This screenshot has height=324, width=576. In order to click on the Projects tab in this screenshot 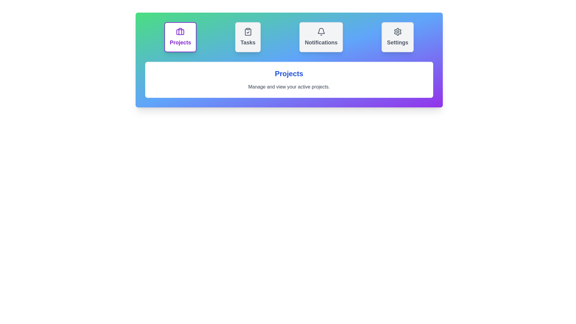, I will do `click(180, 37)`.